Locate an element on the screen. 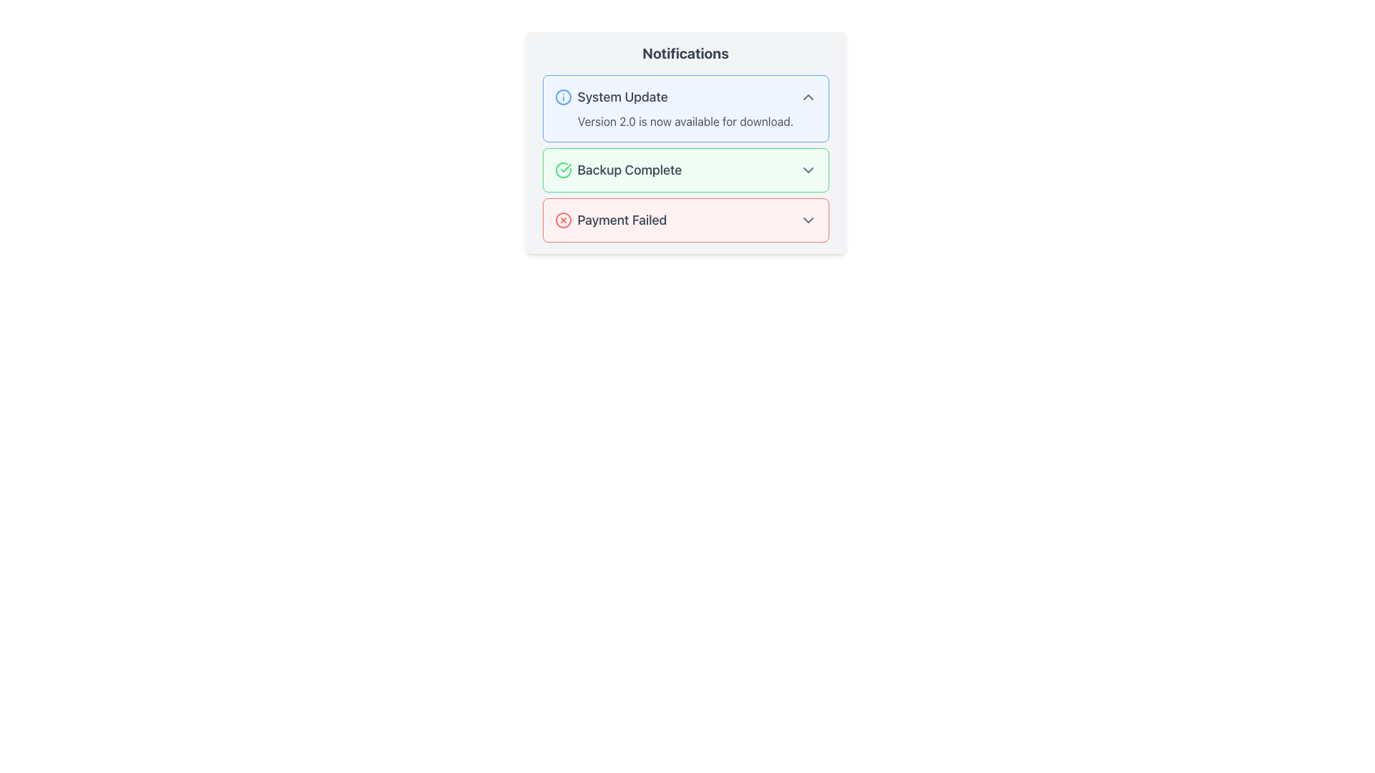  label associated with the 'Backup Complete' icon located to the left of the notification text is located at coordinates (562, 170).